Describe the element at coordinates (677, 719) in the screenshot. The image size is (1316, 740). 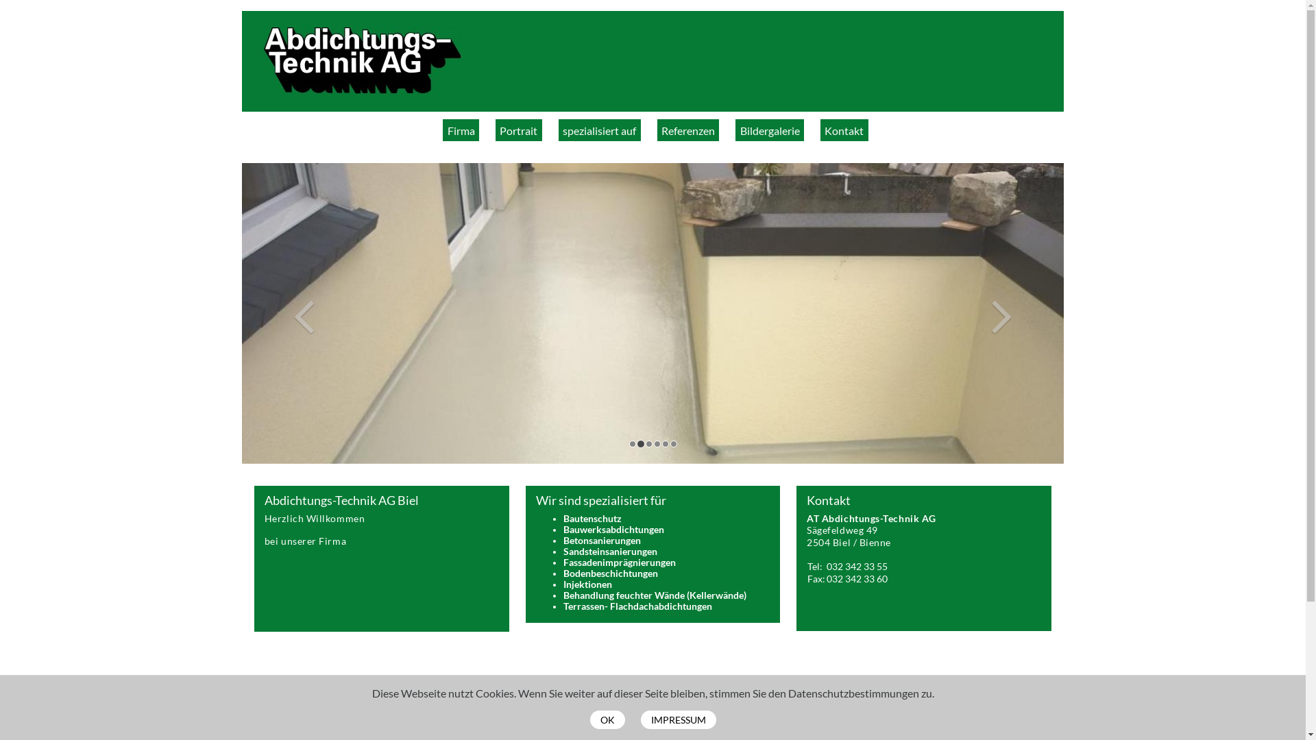
I see `'IMPRESSUM'` at that location.